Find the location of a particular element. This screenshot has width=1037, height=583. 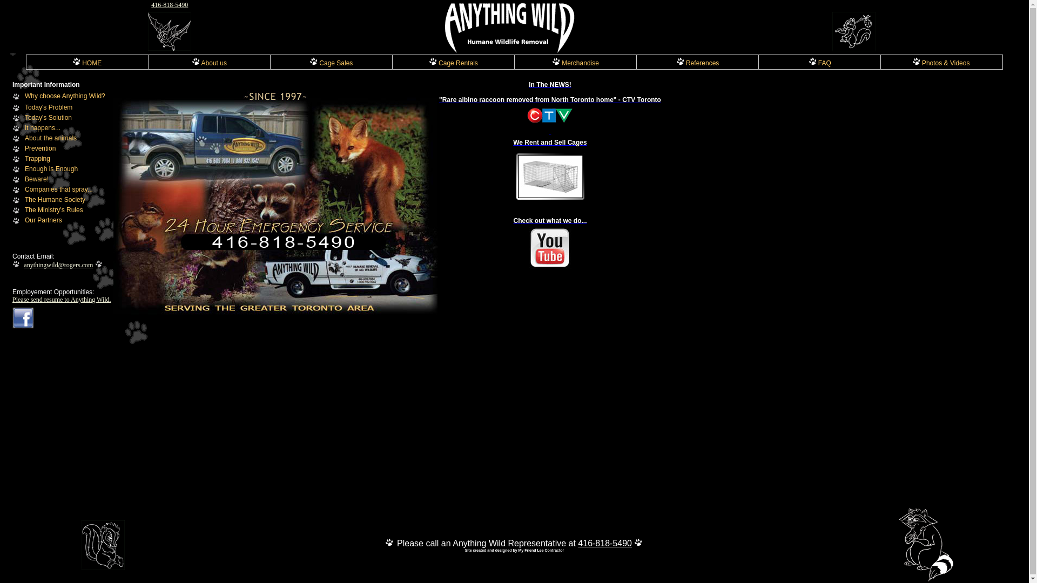

'Enough is Enough' is located at coordinates (51, 168).